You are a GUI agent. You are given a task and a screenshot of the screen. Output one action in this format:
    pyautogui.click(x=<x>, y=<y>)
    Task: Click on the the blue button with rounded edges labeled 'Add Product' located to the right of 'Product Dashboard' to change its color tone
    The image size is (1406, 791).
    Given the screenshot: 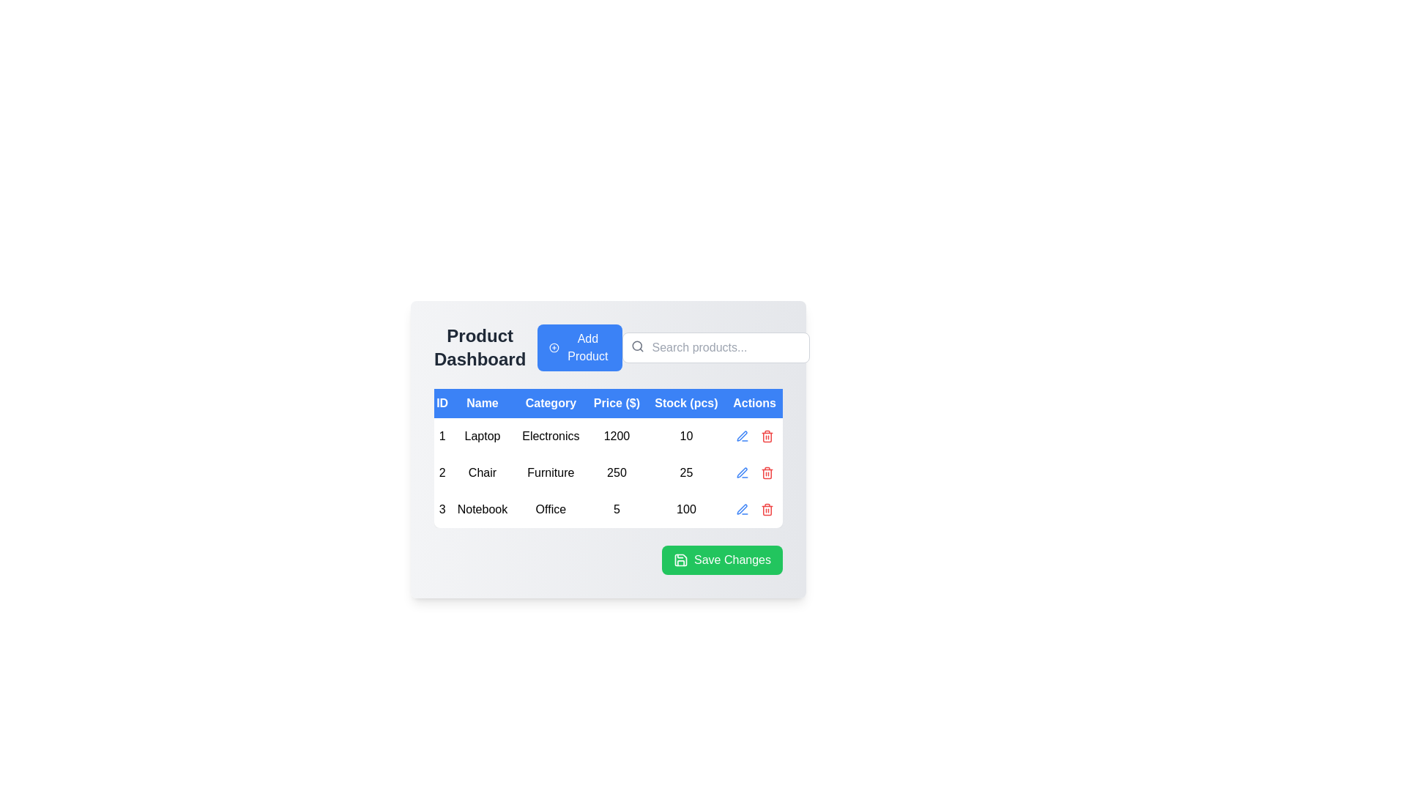 What is the action you would take?
    pyautogui.click(x=579, y=347)
    